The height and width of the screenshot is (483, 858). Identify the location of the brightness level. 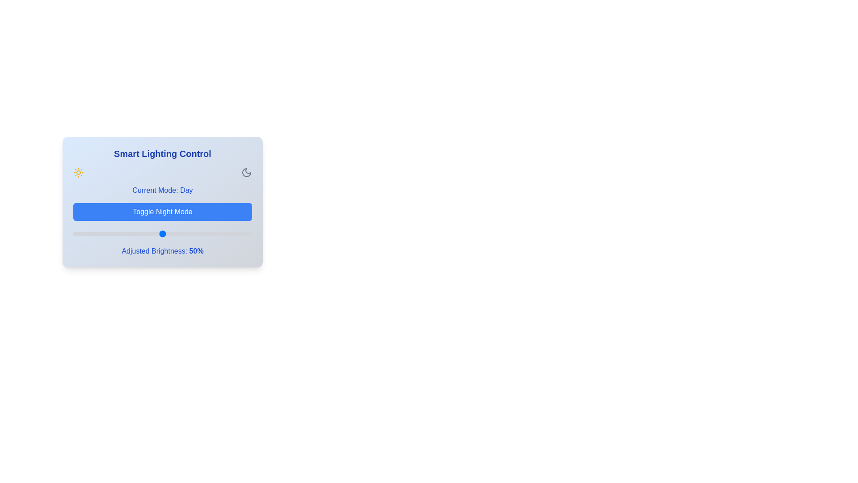
(212, 233).